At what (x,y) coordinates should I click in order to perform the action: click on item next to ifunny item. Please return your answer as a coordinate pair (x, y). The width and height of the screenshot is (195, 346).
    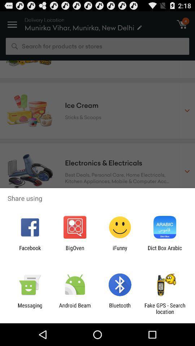
    Looking at the image, I should click on (165, 251).